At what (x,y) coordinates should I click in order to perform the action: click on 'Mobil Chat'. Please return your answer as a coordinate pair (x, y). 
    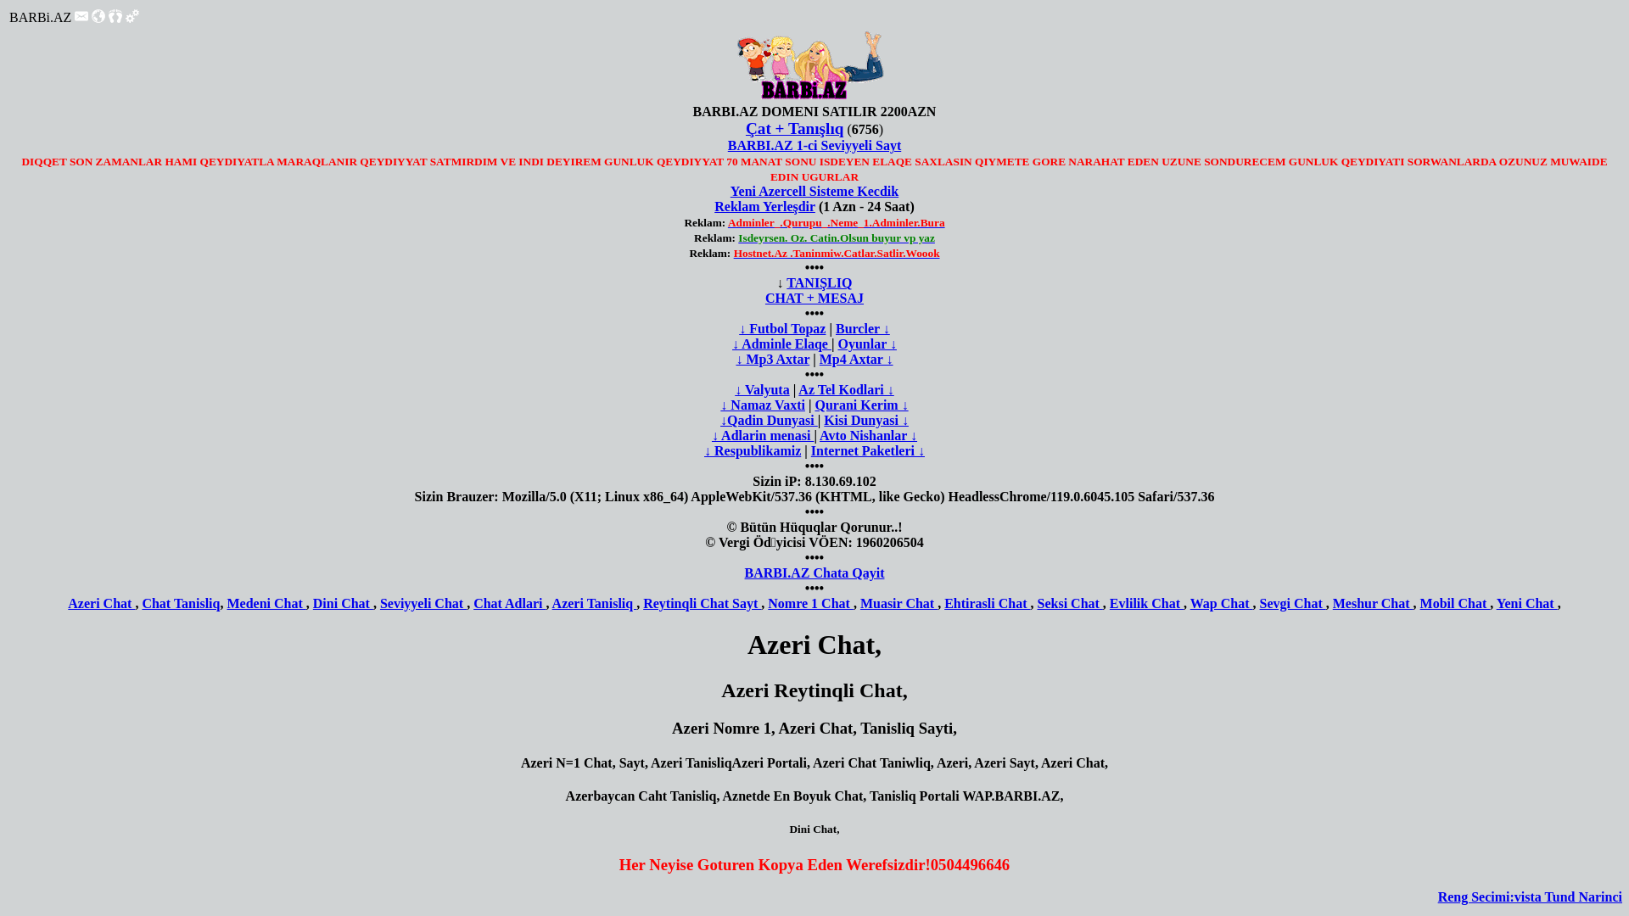
    Looking at the image, I should click on (1454, 602).